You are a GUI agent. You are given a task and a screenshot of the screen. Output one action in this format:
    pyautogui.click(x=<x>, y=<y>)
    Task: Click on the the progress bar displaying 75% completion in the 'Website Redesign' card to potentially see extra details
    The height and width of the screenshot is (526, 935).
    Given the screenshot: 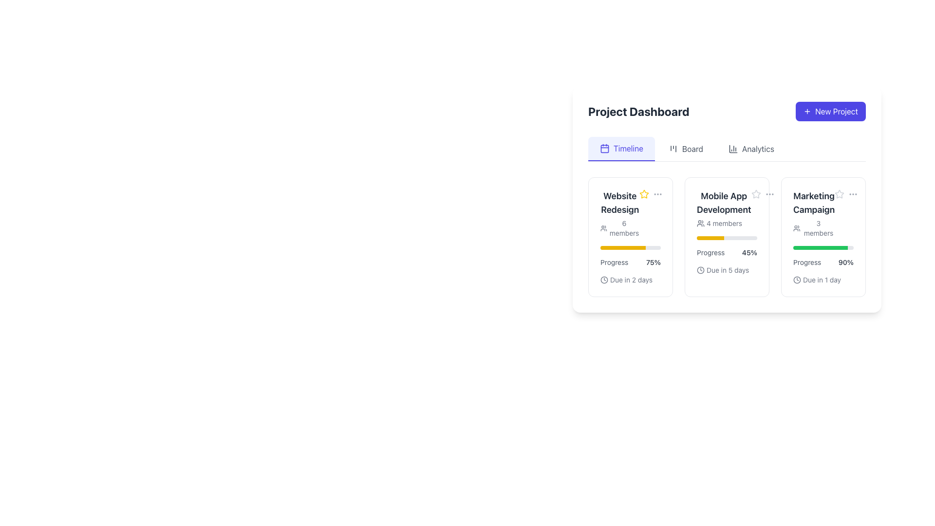 What is the action you would take?
    pyautogui.click(x=631, y=265)
    